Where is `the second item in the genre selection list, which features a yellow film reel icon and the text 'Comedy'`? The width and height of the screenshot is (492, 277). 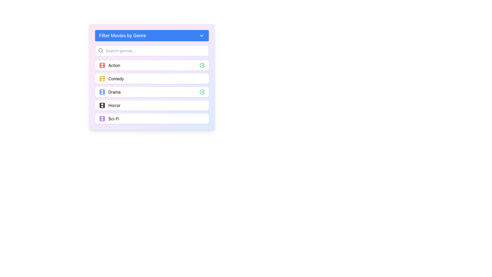 the second item in the genre selection list, which features a yellow film reel icon and the text 'Comedy' is located at coordinates (111, 79).